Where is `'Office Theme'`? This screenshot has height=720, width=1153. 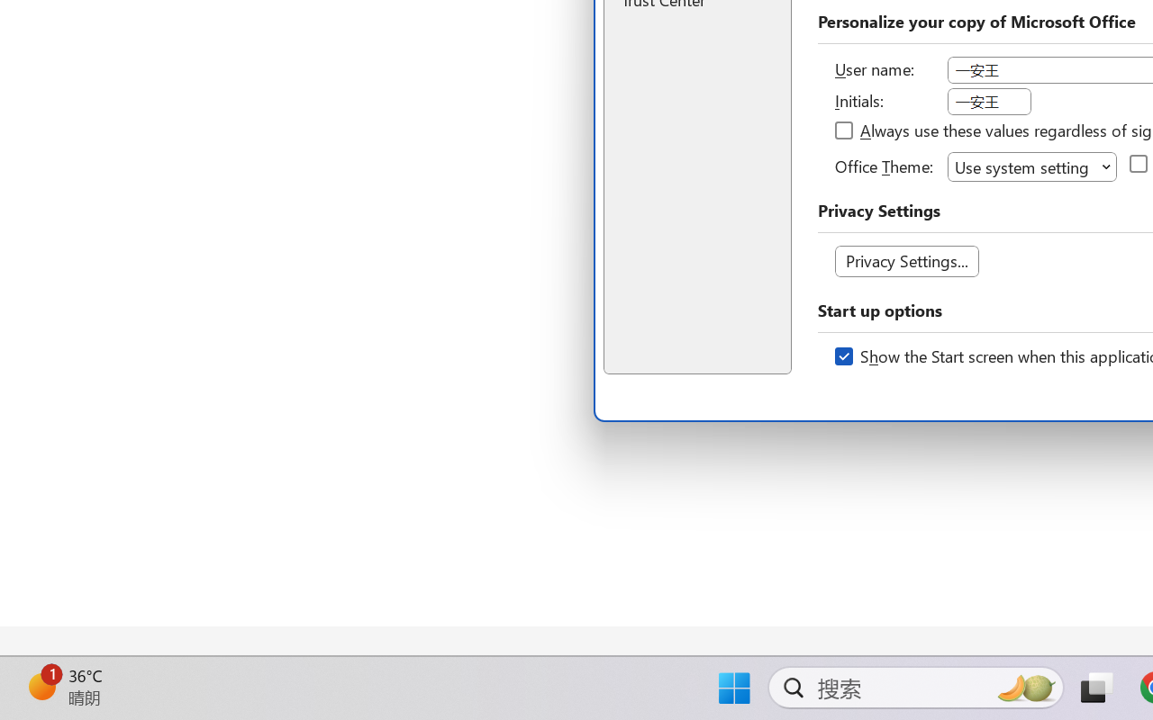 'Office Theme' is located at coordinates (1032, 166).